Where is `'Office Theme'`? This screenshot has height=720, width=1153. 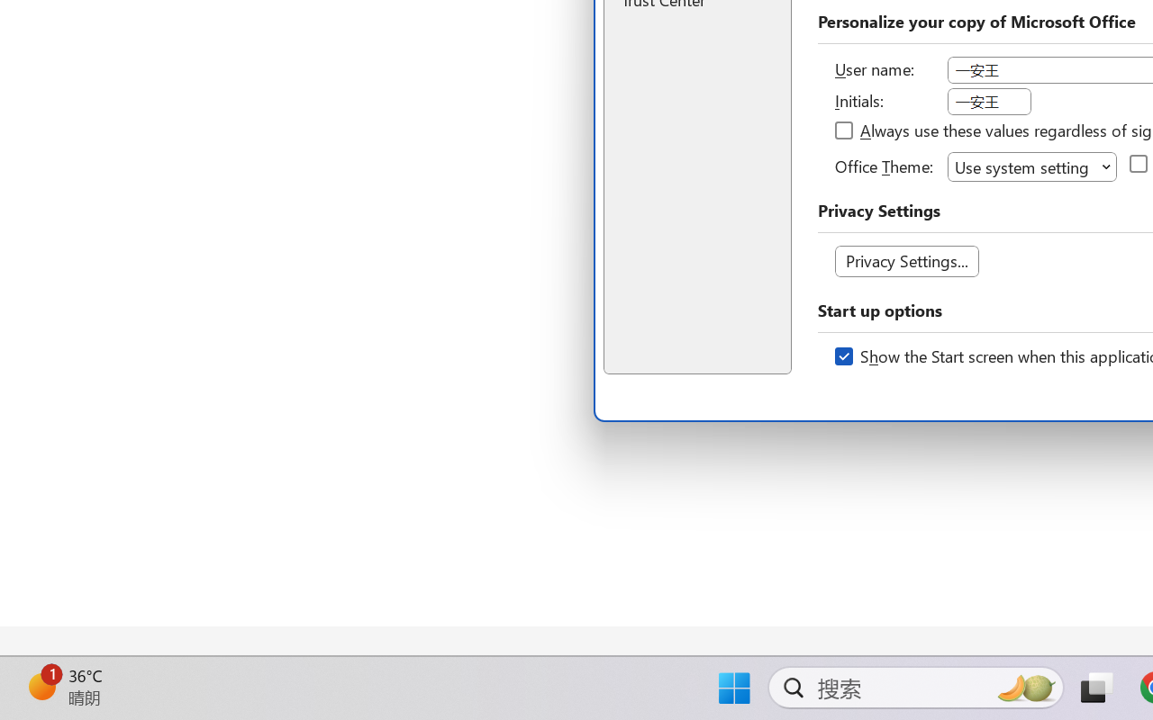 'Office Theme' is located at coordinates (1032, 166).